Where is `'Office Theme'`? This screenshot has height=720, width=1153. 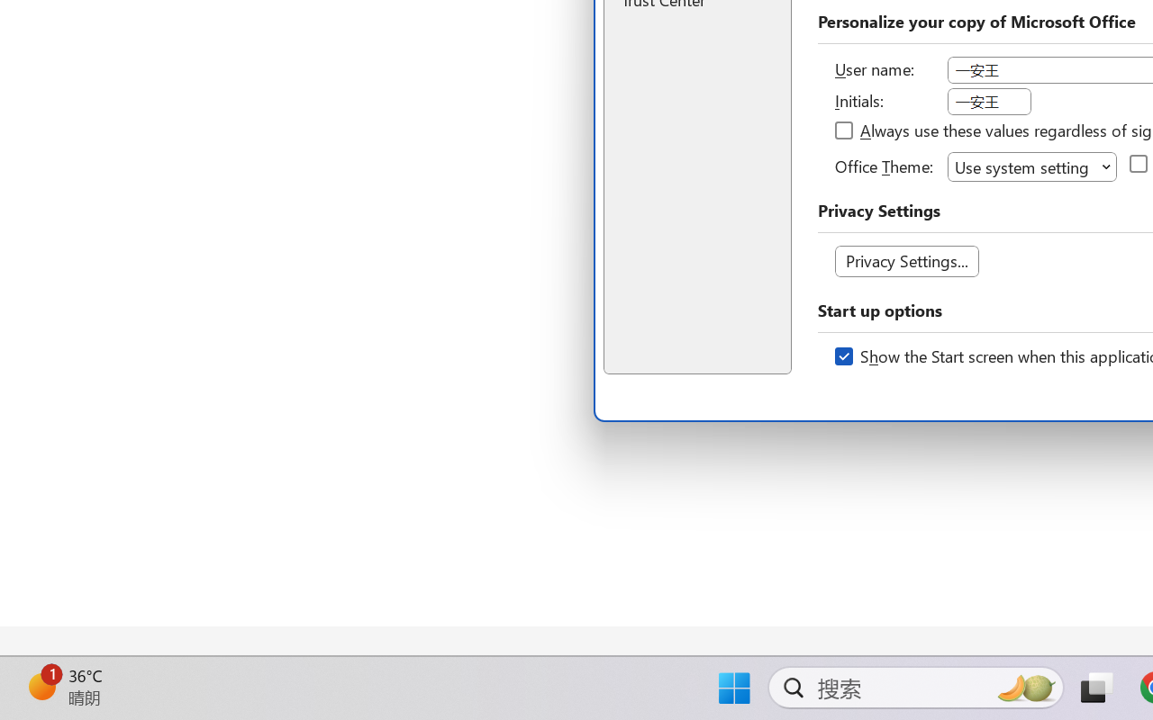 'Office Theme' is located at coordinates (1032, 166).